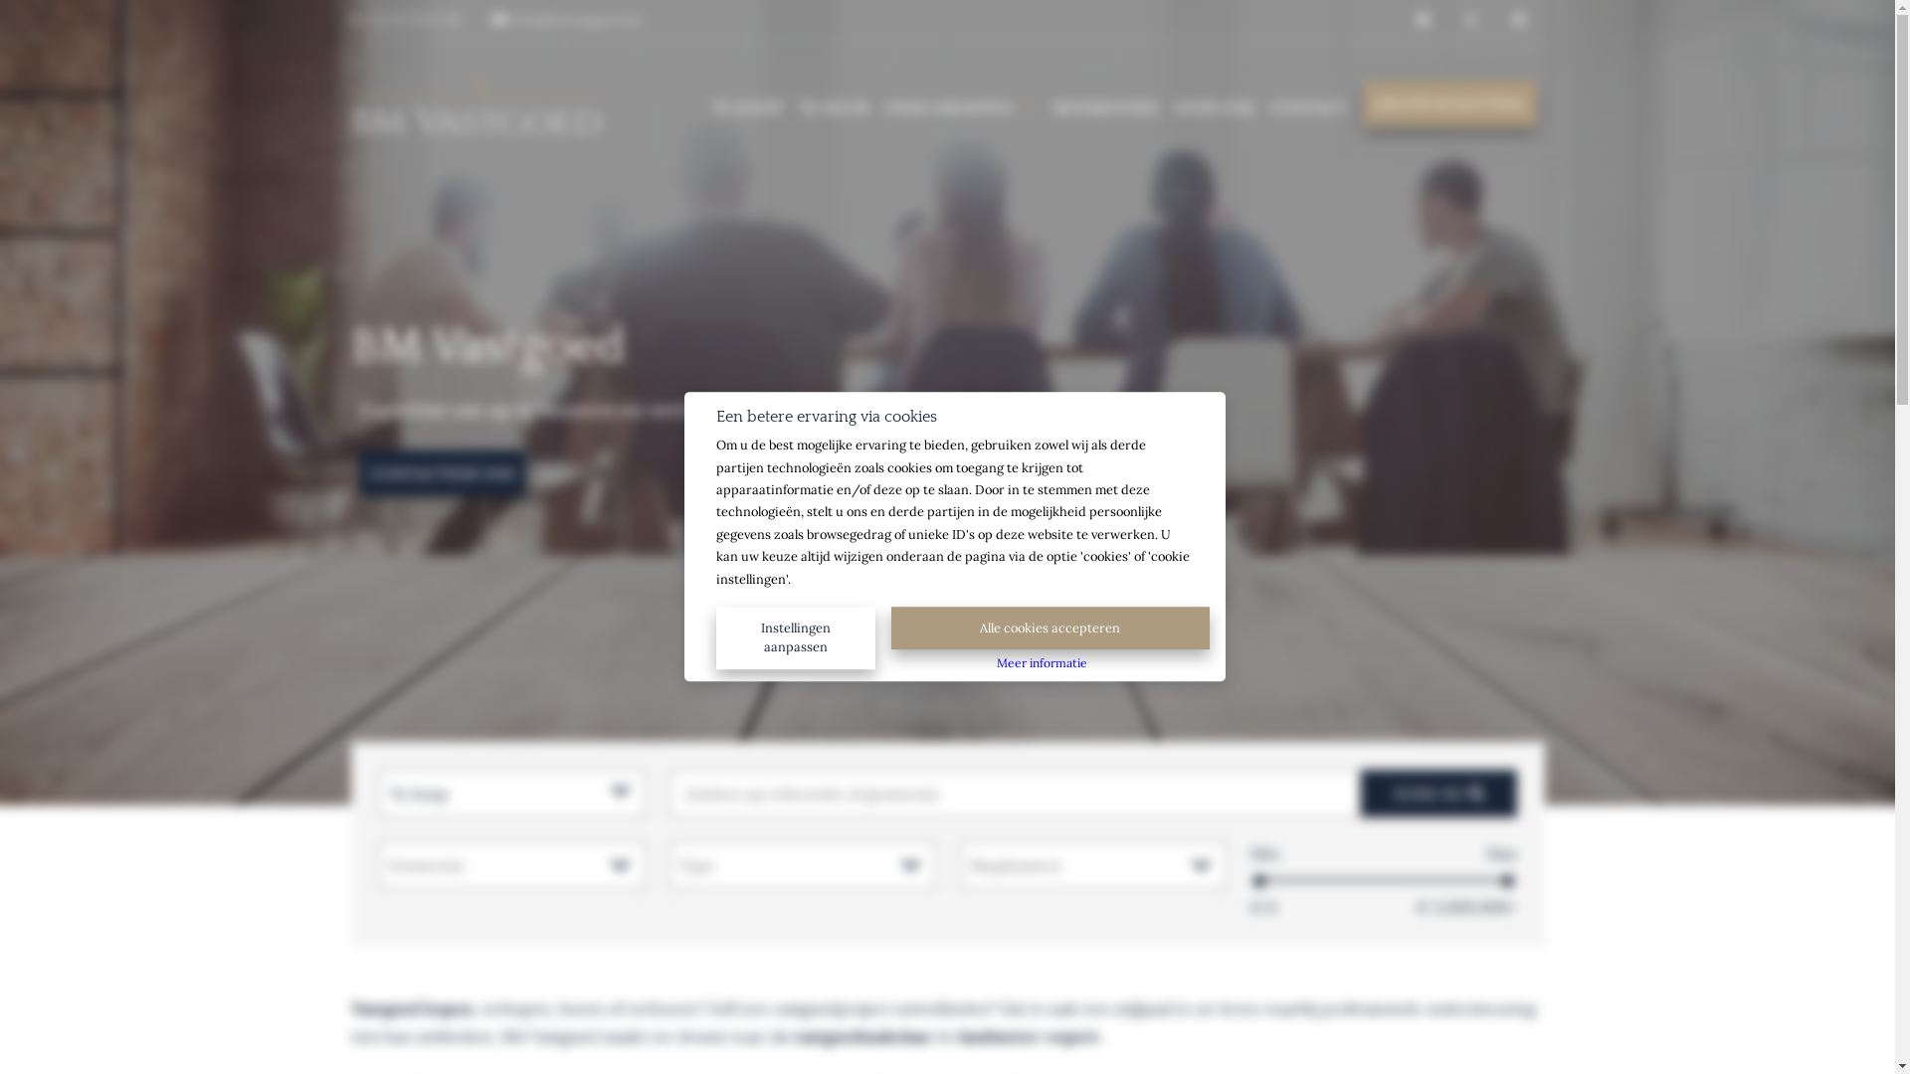  What do you see at coordinates (746, 104) in the screenshot?
I see `'TE KOOP'` at bounding box center [746, 104].